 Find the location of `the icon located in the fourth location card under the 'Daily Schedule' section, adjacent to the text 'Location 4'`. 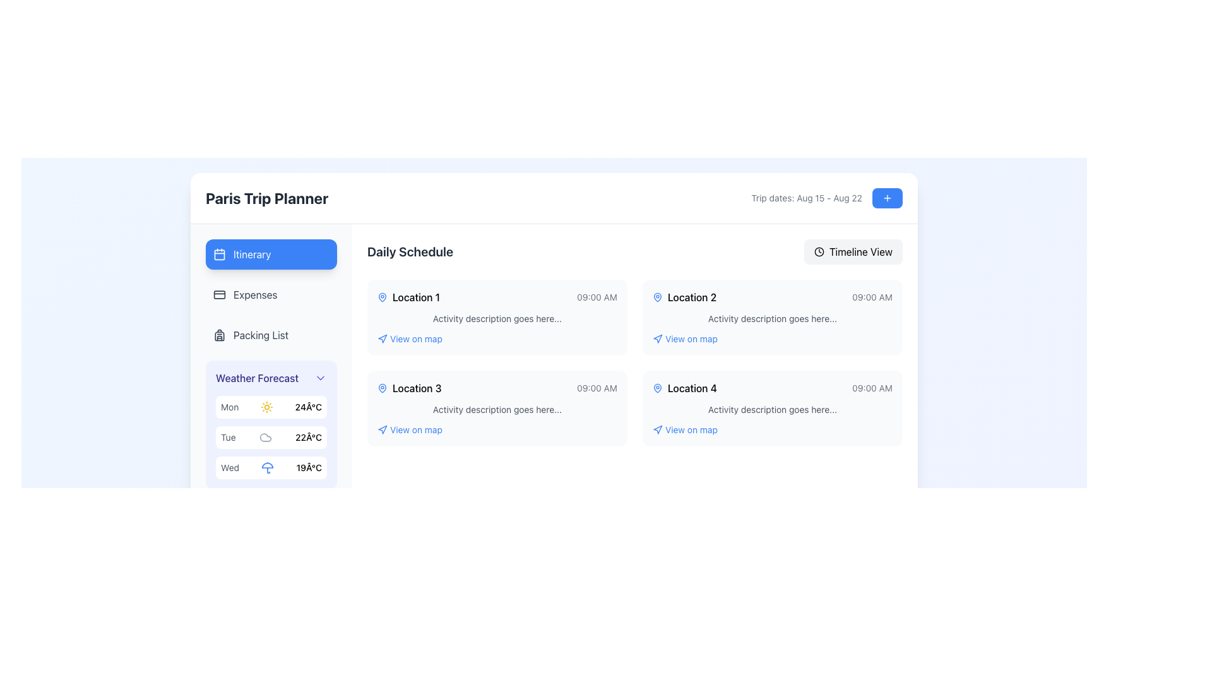

the icon located in the fourth location card under the 'Daily Schedule' section, adjacent to the text 'Location 4' is located at coordinates (656, 387).